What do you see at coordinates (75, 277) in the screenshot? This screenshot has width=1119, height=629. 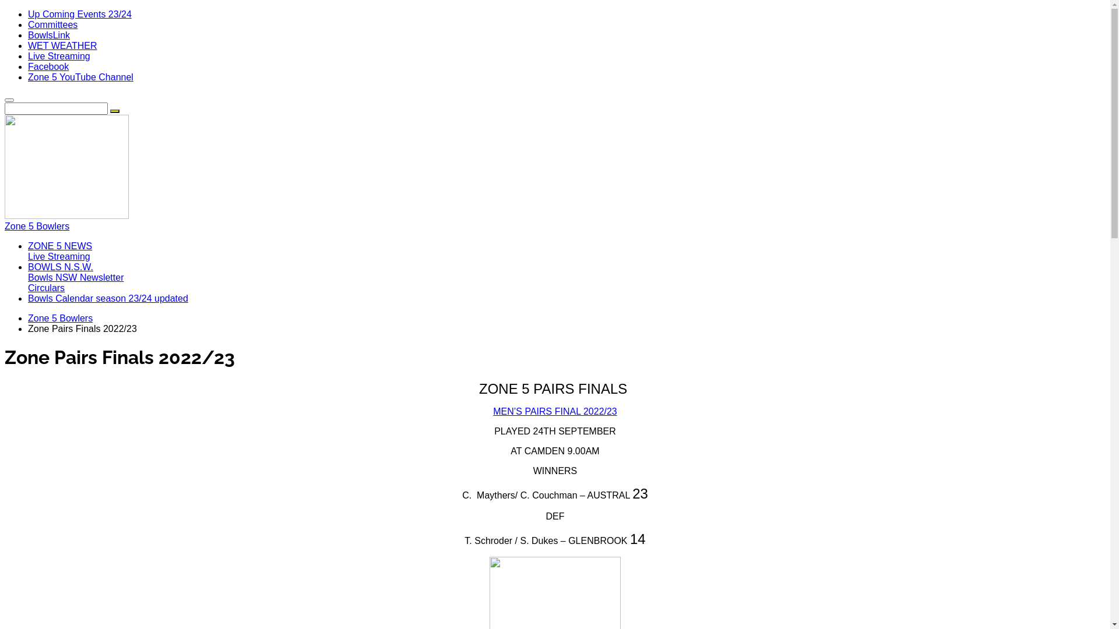 I see `'Bowls NSW Newsletter'` at bounding box center [75, 277].